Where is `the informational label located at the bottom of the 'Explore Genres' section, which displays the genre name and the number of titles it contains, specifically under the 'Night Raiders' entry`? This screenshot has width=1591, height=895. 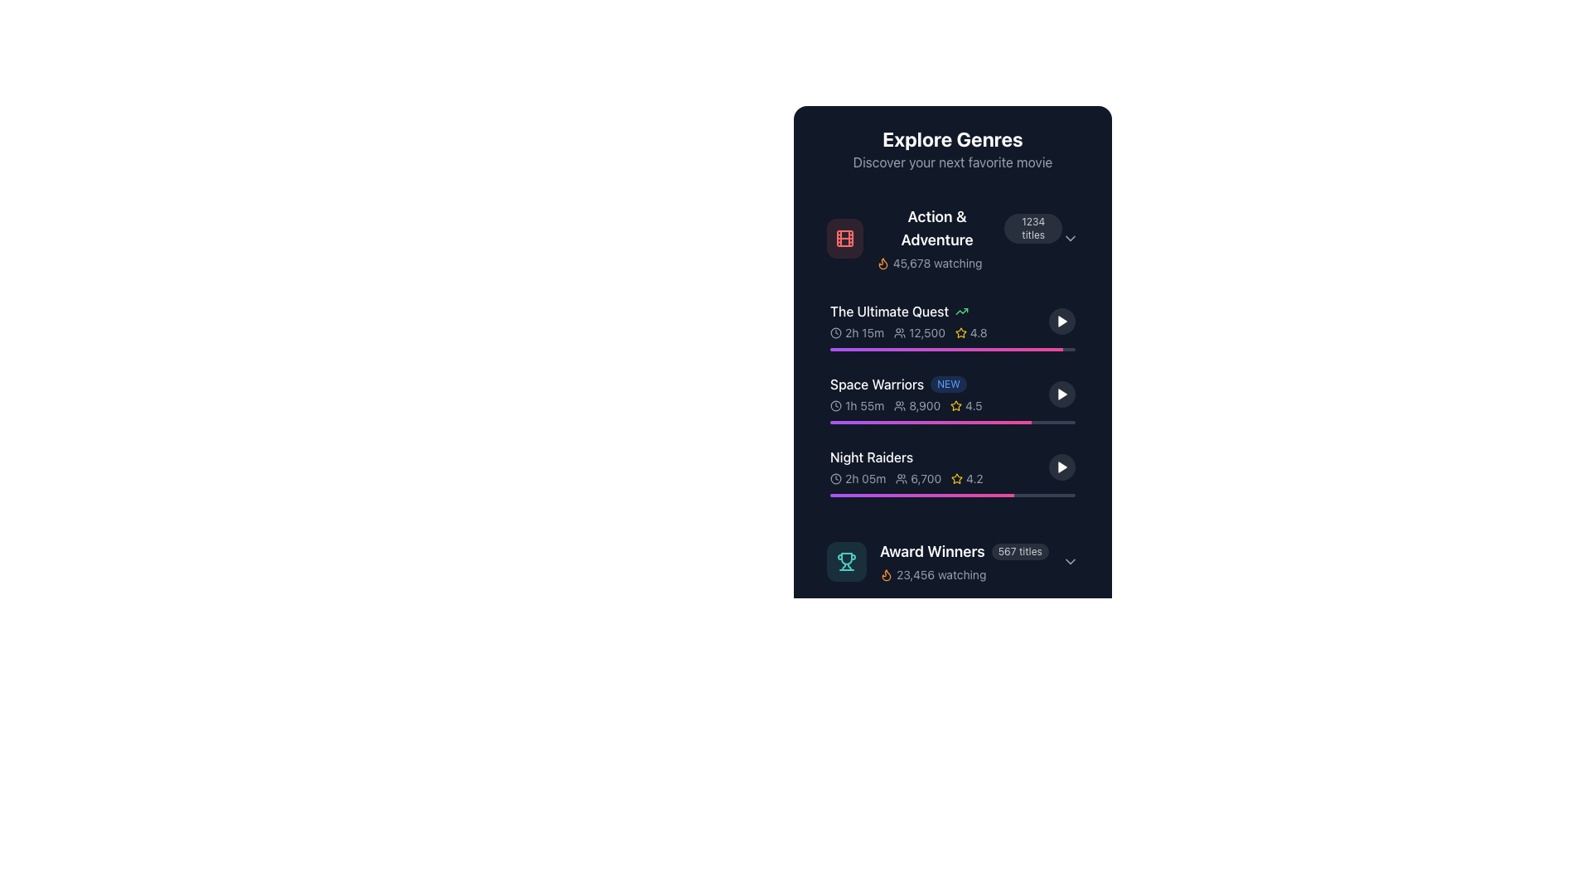
the informational label located at the bottom of the 'Explore Genres' section, which displays the genre name and the number of titles it contains, specifically under the 'Night Raiders' entry is located at coordinates (964, 552).